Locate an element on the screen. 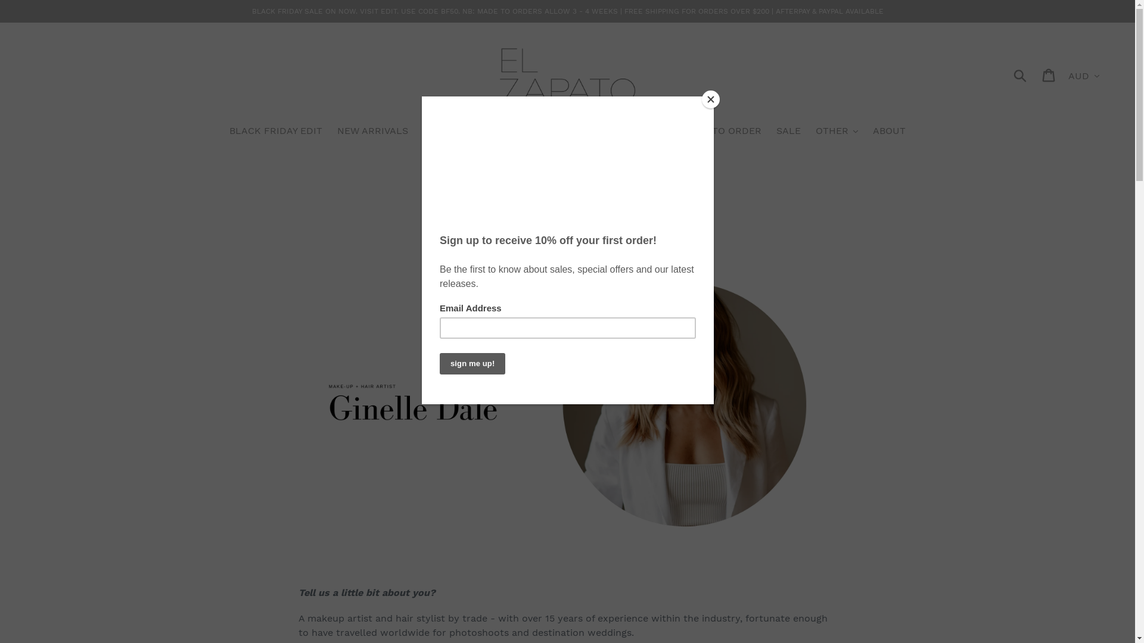  'SPRING SUMMER 22-23' is located at coordinates (477, 132).